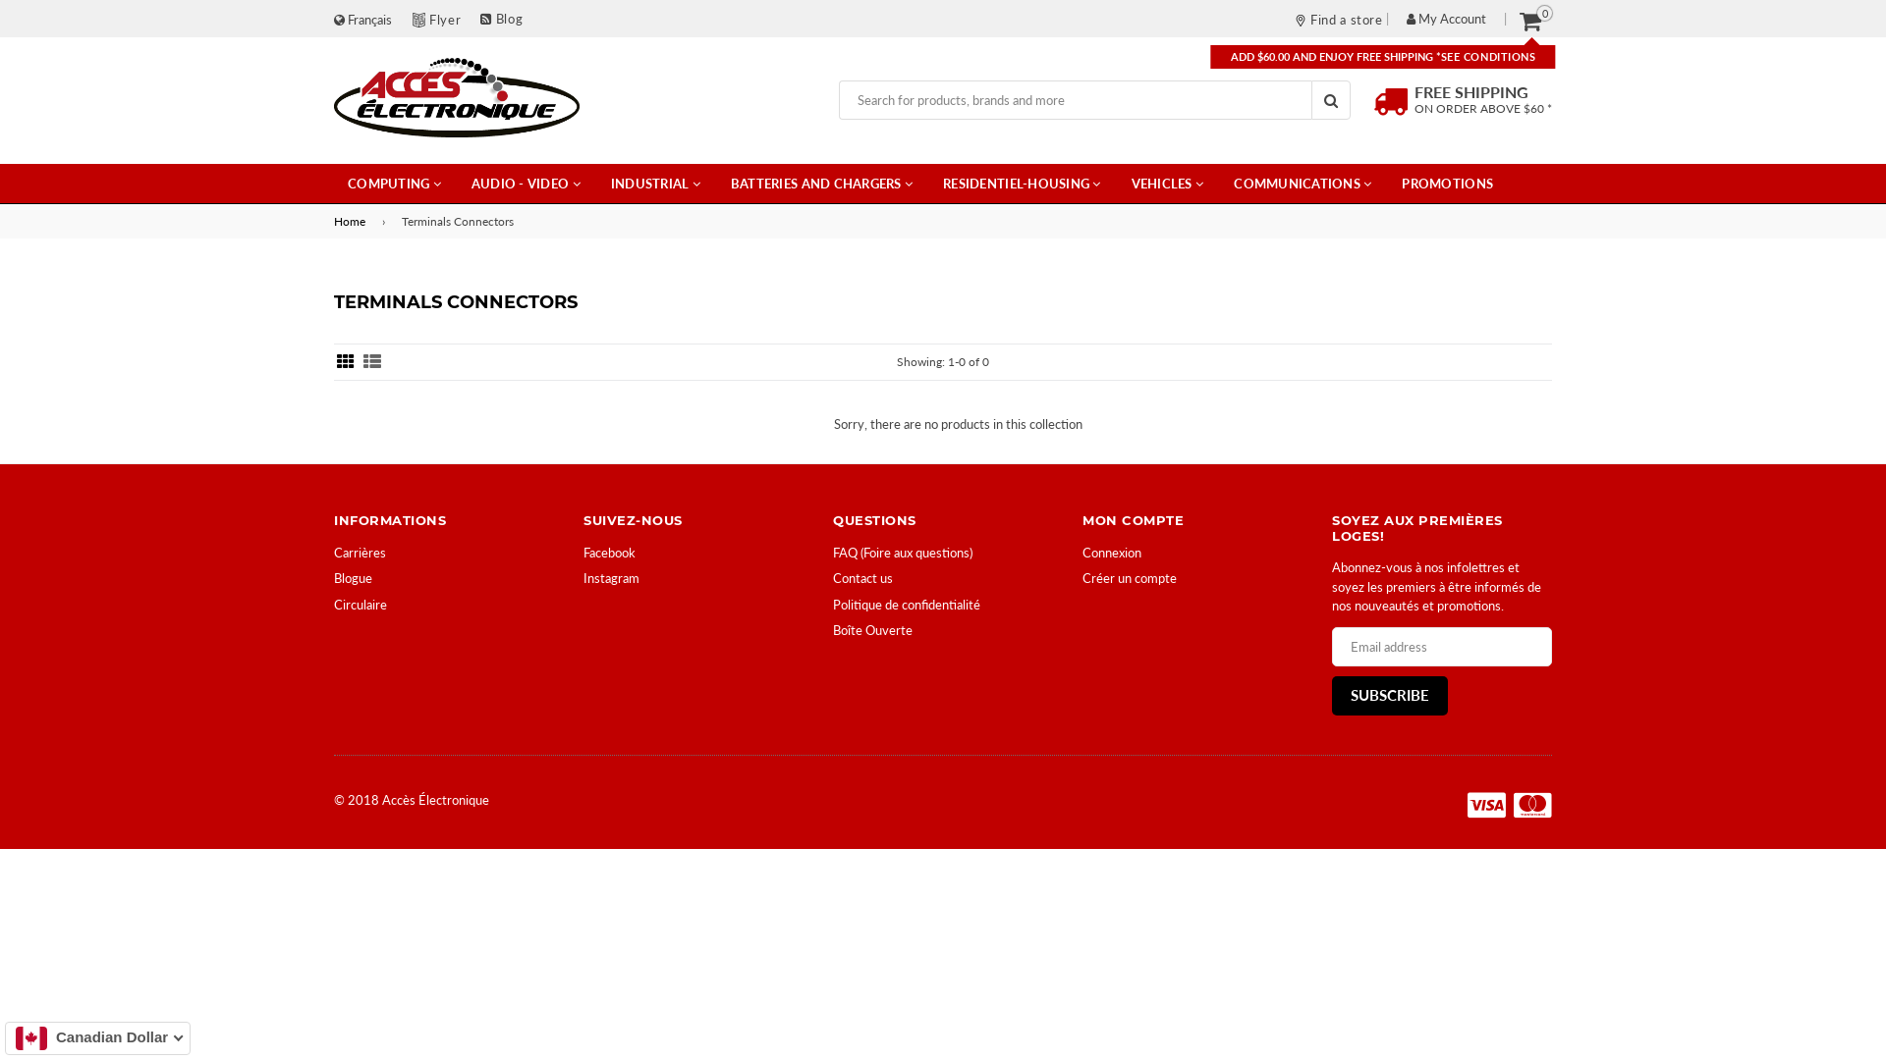  What do you see at coordinates (1529, 20) in the screenshot?
I see `'0'` at bounding box center [1529, 20].